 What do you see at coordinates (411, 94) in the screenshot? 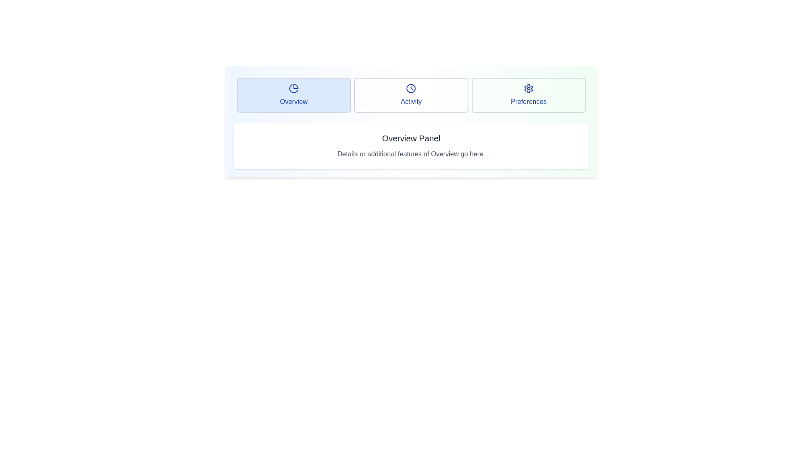
I see `the tab labeled Activity to view its content` at bounding box center [411, 94].